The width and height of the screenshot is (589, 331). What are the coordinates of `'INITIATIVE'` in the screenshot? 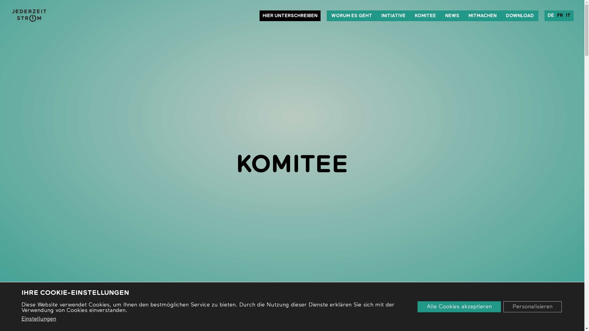 It's located at (393, 15).